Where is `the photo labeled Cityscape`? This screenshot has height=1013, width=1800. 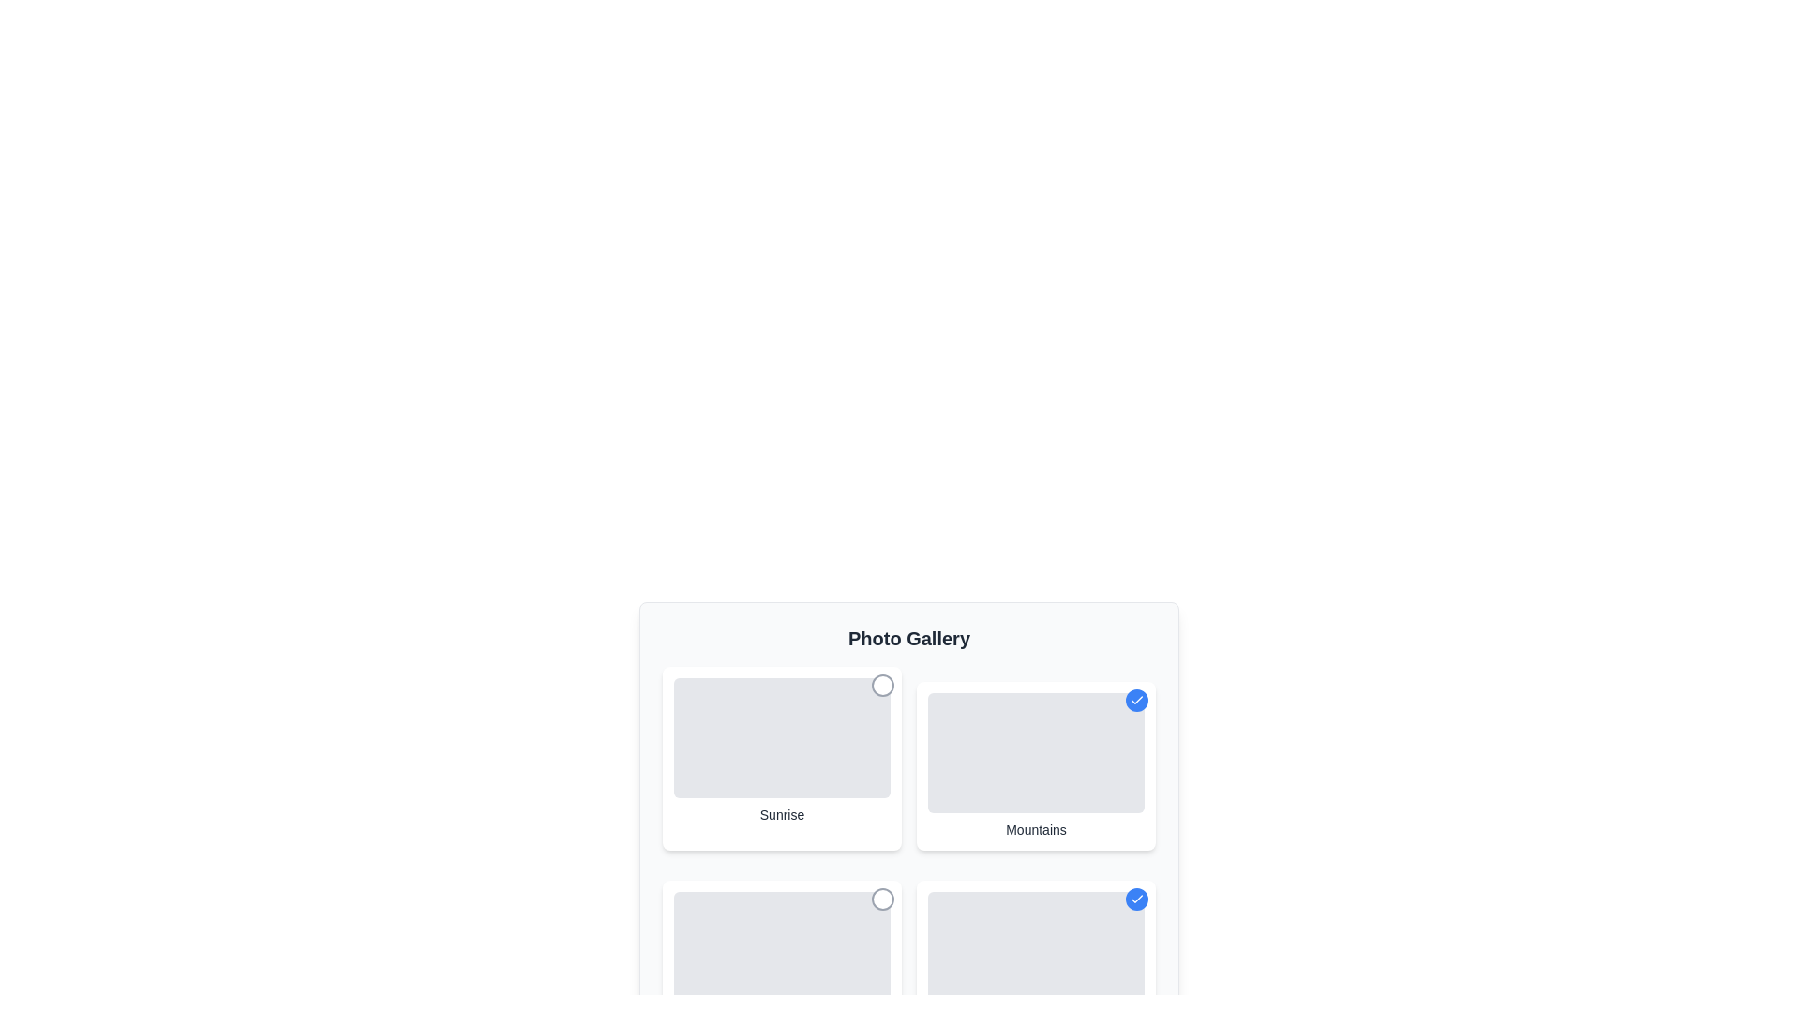 the photo labeled Cityscape is located at coordinates (881, 899).